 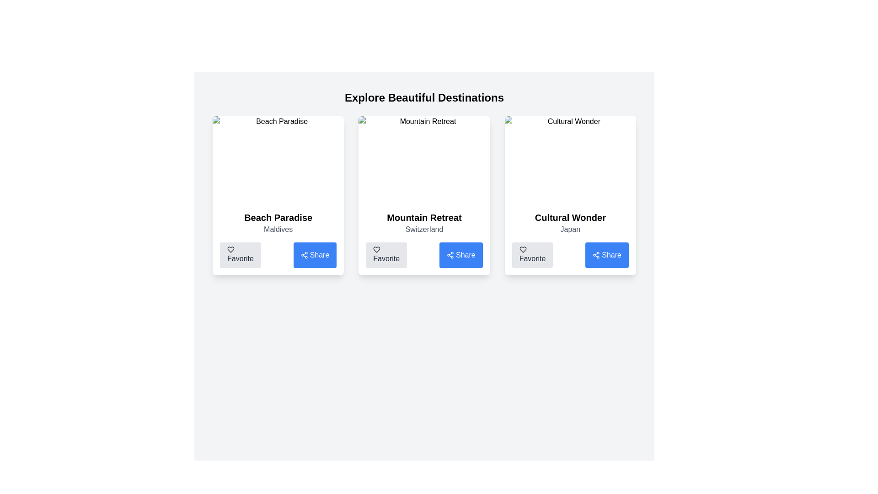 I want to click on the static text label displaying 'Maldives', which is located below the bold title 'Beach Paradise' in the first card of the grid, so click(x=278, y=229).